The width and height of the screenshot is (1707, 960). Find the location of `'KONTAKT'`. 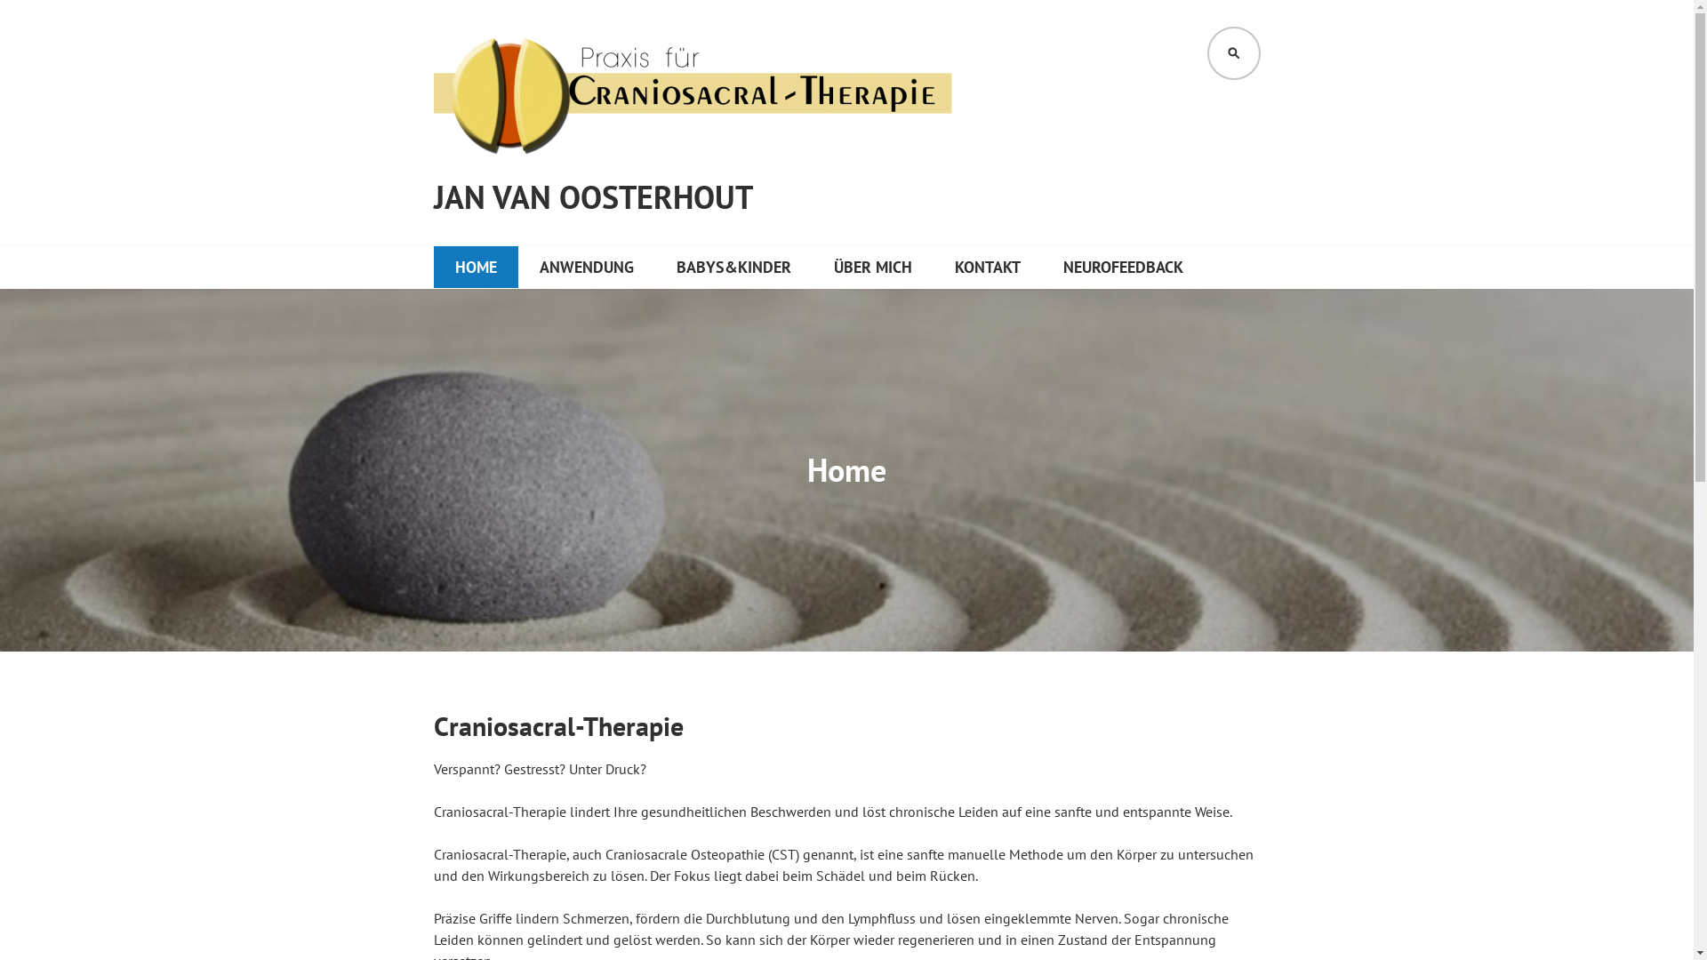

'KONTAKT' is located at coordinates (986, 267).